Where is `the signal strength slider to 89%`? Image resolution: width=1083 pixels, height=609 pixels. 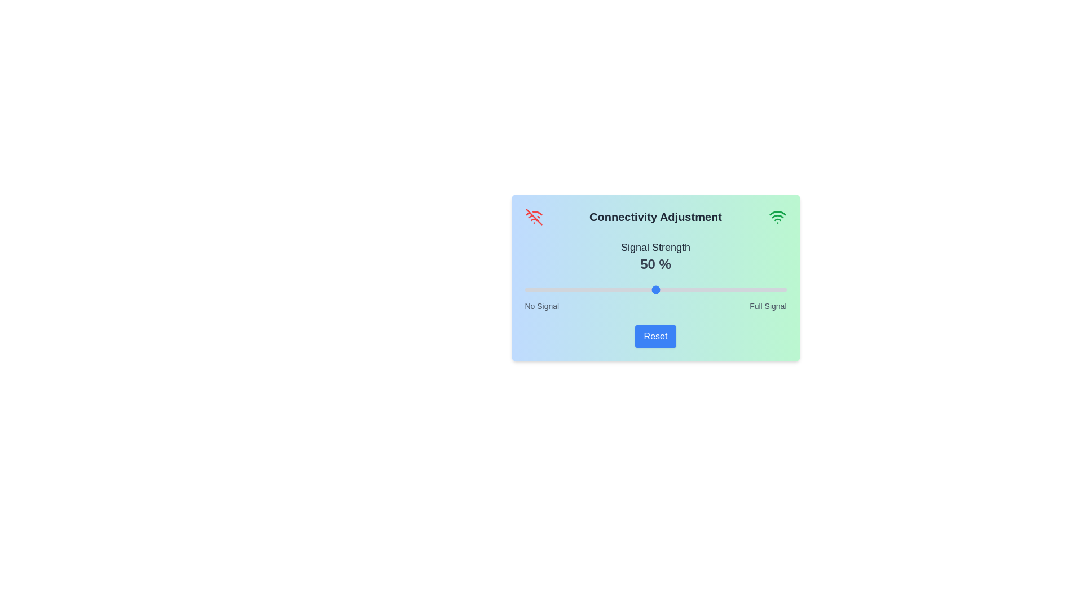
the signal strength slider to 89% is located at coordinates (758, 289).